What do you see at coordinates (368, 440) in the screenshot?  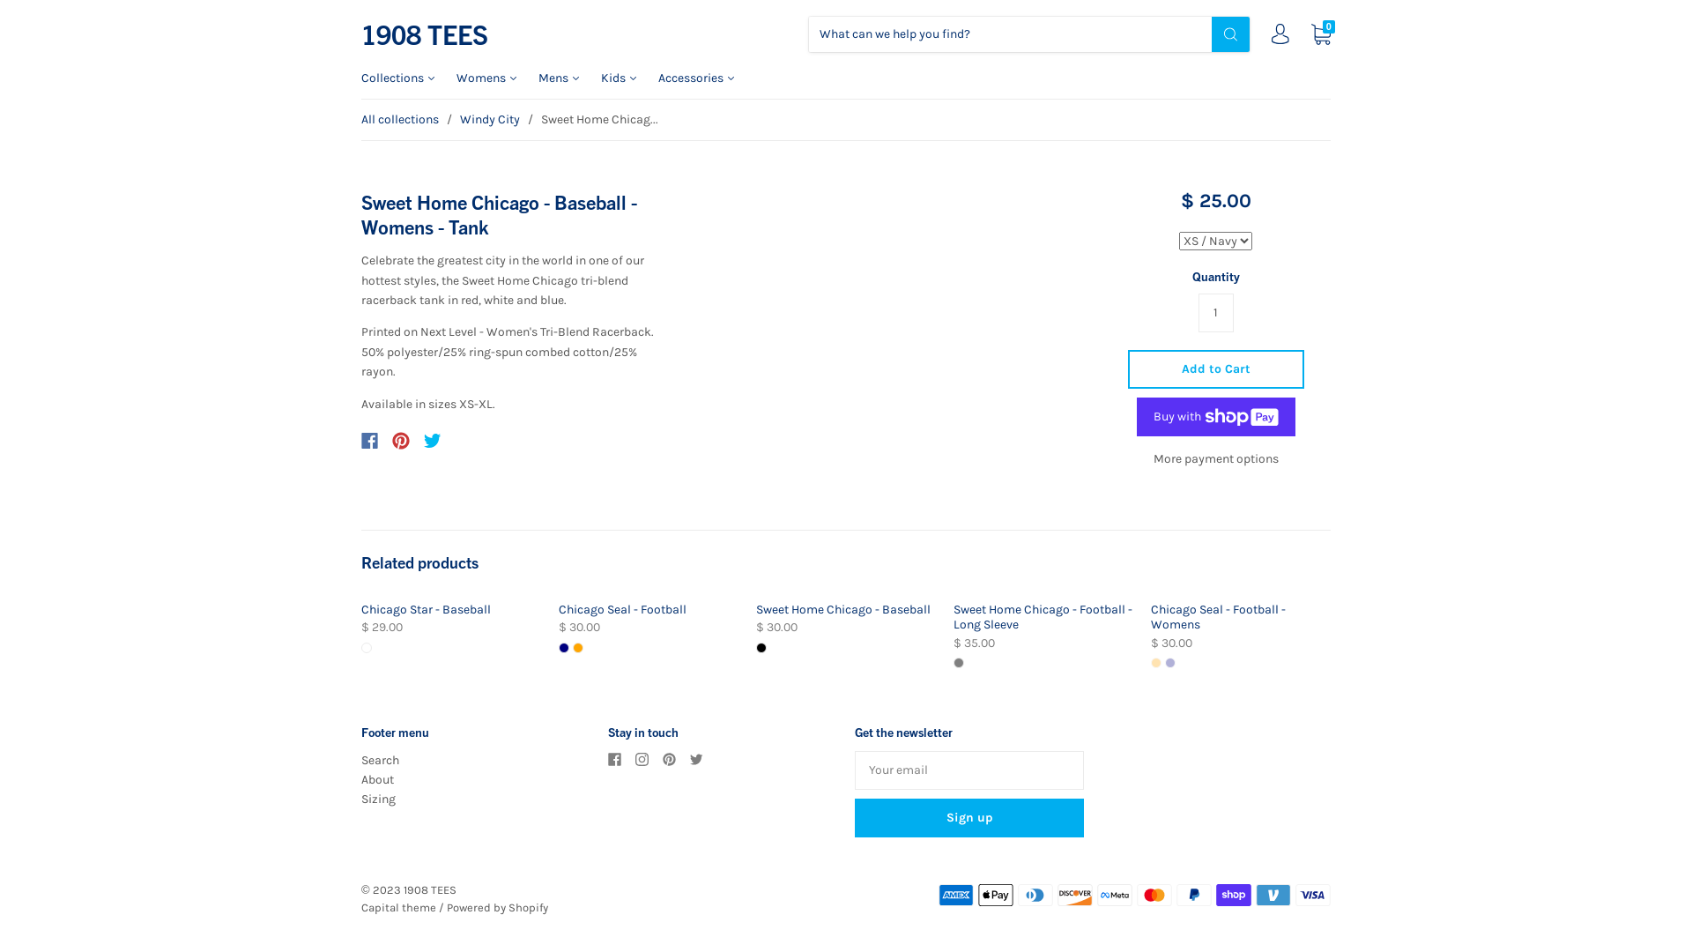 I see `'Facebook'` at bounding box center [368, 440].